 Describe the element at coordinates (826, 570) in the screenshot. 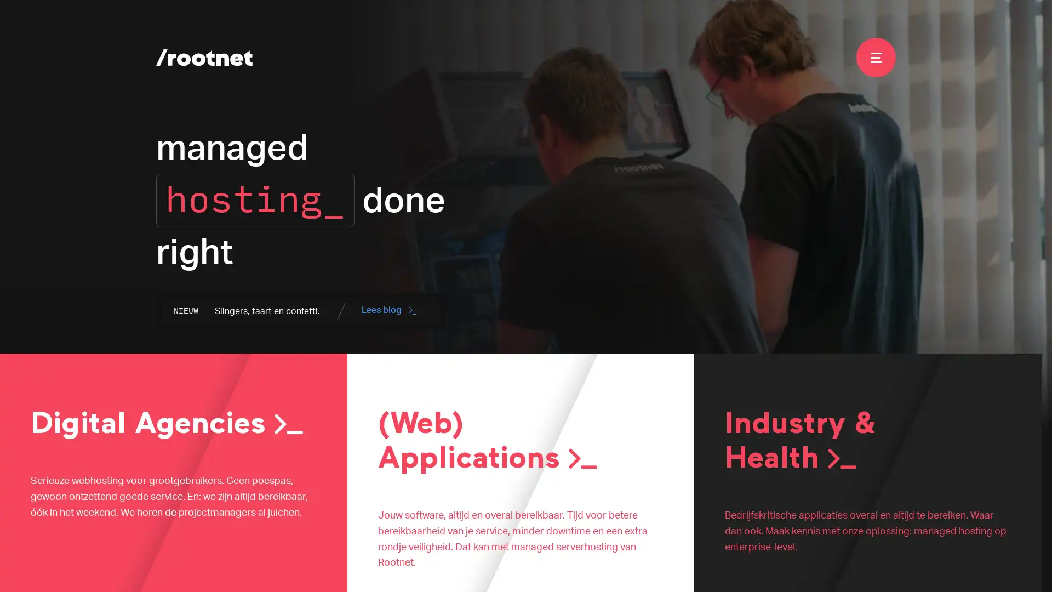

I see `Aanpassen` at that location.